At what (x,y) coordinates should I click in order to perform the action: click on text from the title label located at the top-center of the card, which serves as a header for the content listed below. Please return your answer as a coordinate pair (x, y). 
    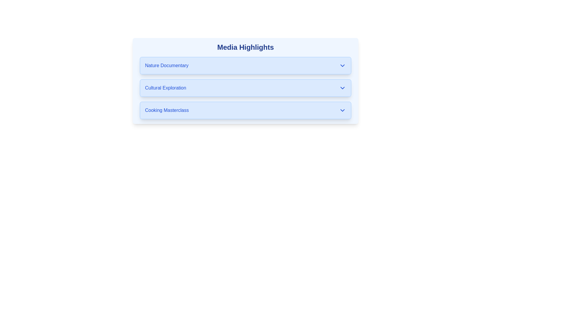
    Looking at the image, I should click on (246, 47).